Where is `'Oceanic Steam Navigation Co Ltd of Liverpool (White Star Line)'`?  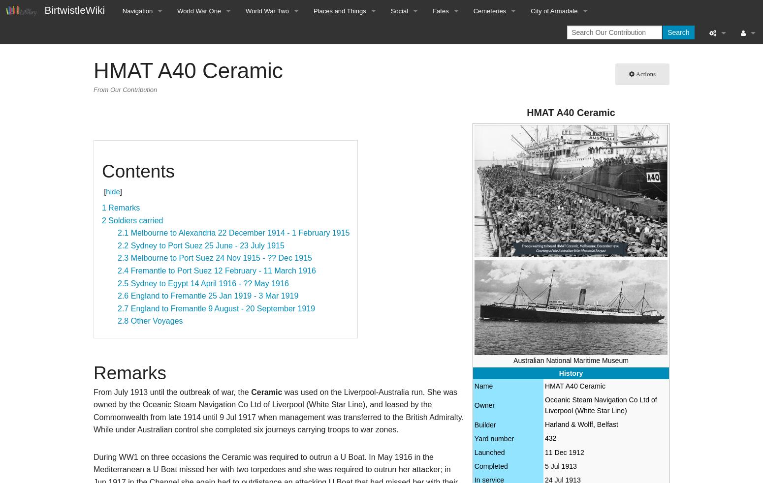
'Oceanic Steam Navigation Co Ltd of Liverpool (White Star Line)' is located at coordinates (601, 405).